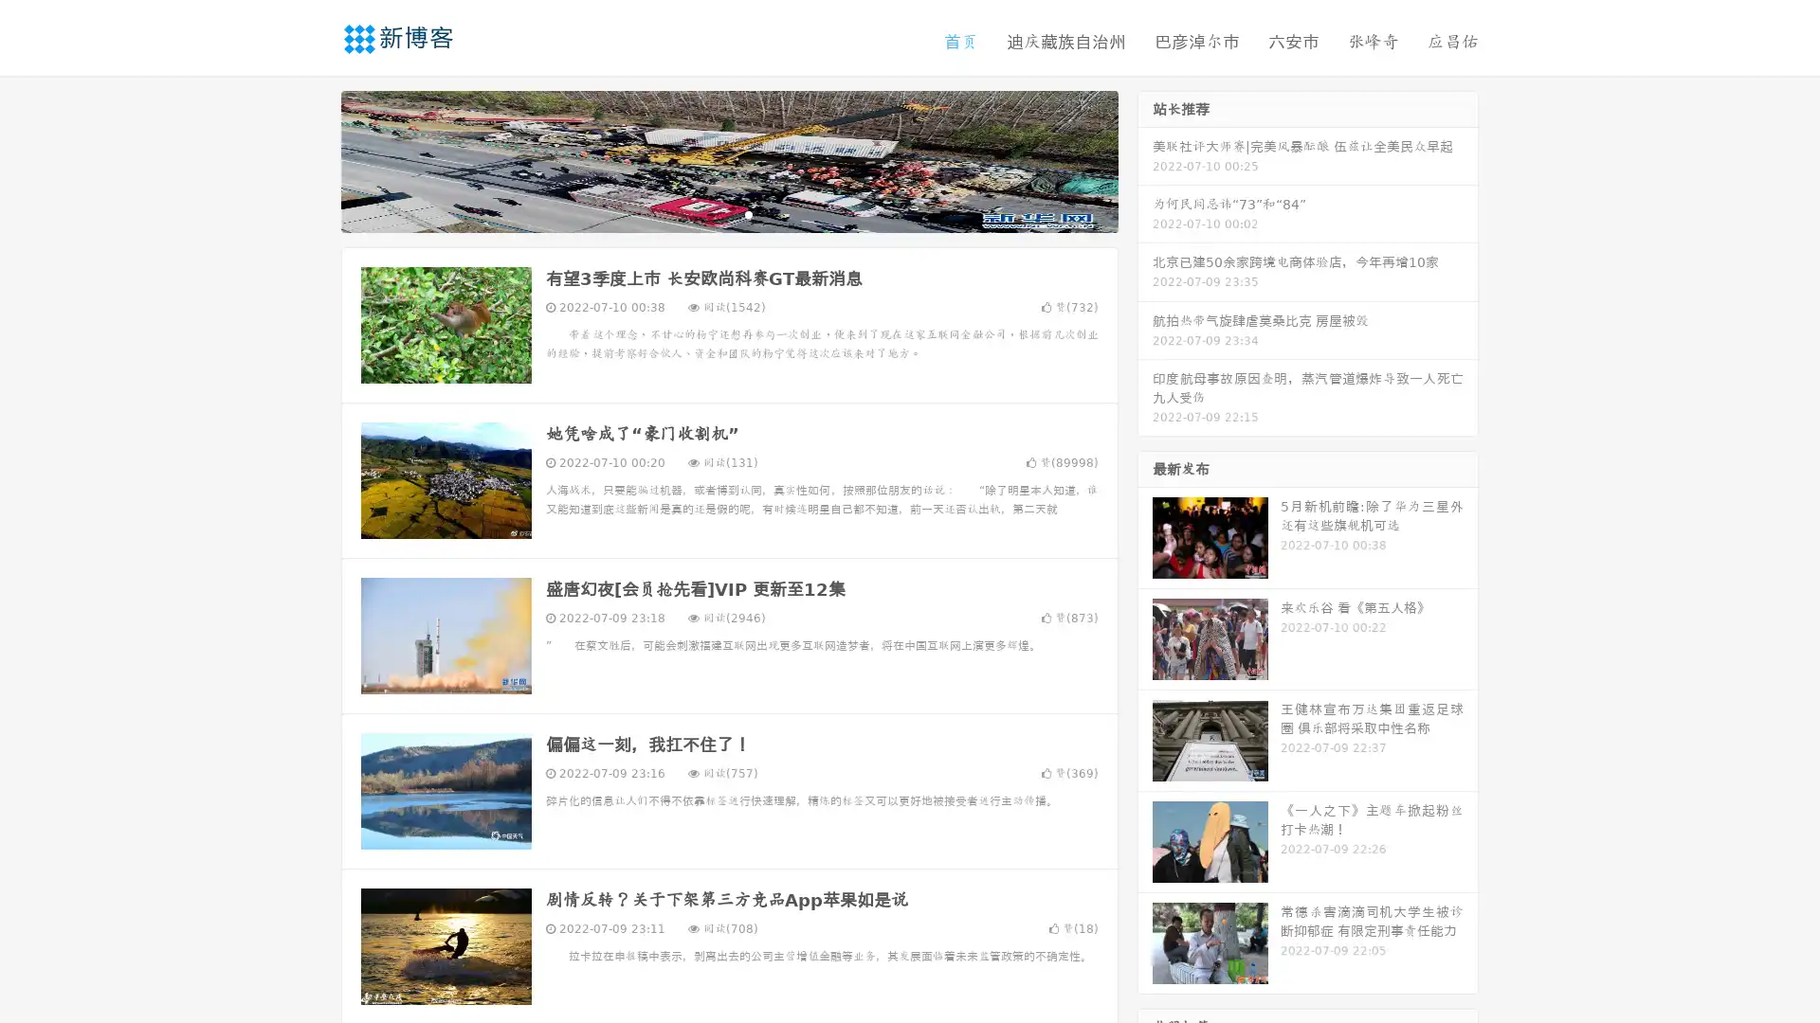 This screenshot has width=1820, height=1023. I want to click on Go to slide 3, so click(748, 213).